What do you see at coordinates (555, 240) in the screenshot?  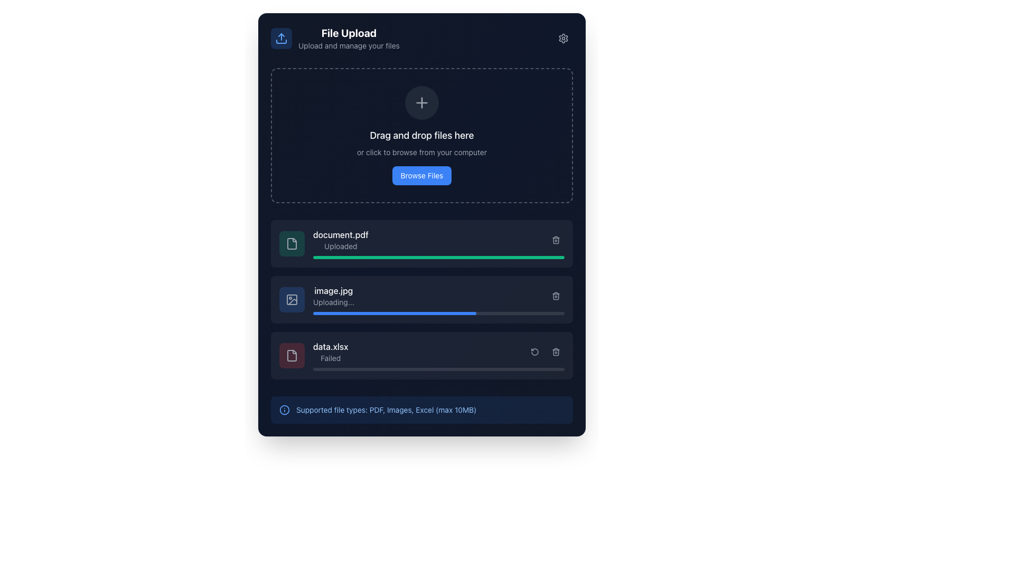 I see `the delete button icon located at the far-right side of the row associated with the 'document.pdf' file to observe any effects` at bounding box center [555, 240].